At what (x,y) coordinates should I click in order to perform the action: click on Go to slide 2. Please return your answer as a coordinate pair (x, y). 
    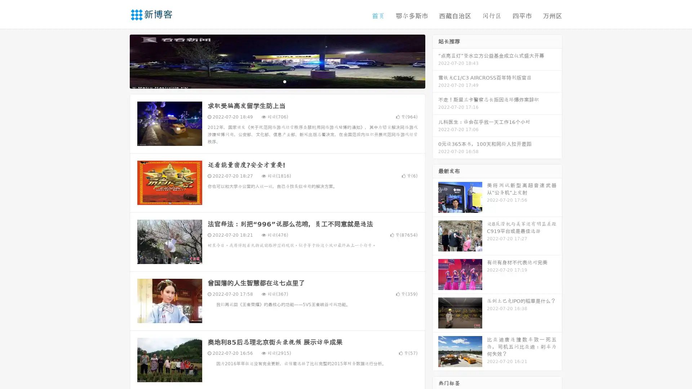
    Looking at the image, I should click on (277, 81).